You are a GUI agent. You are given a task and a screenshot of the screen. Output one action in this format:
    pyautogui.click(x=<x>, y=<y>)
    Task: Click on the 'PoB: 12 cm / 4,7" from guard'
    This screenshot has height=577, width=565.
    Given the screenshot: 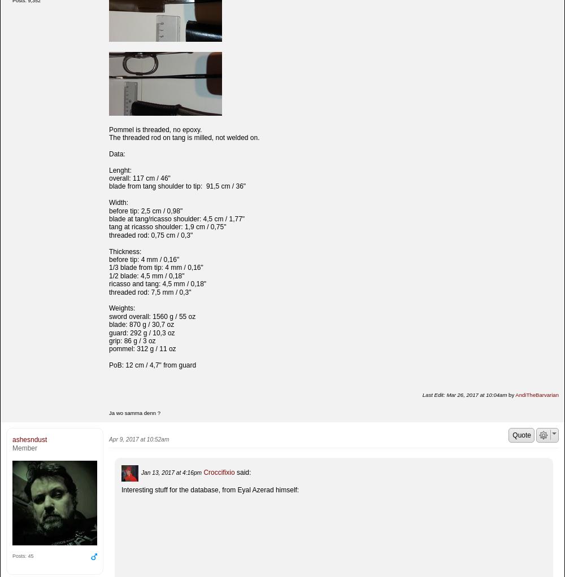 What is the action you would take?
    pyautogui.click(x=153, y=365)
    